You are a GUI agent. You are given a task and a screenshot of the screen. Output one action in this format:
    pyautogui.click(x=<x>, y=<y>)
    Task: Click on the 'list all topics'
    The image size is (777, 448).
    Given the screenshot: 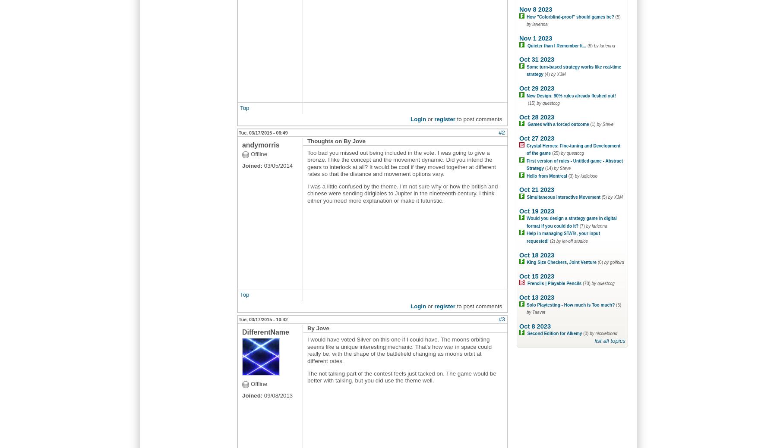 What is the action you would take?
    pyautogui.click(x=610, y=340)
    